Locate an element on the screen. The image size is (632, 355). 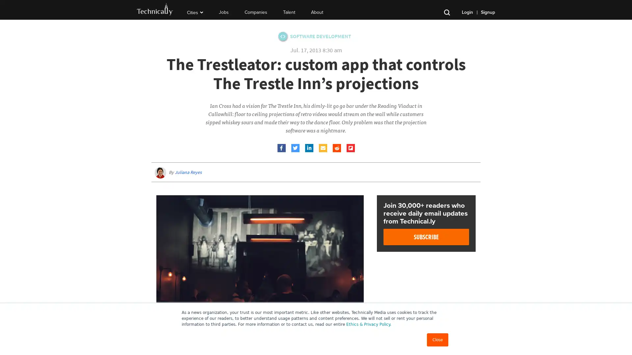
Close is located at coordinates (437, 340).